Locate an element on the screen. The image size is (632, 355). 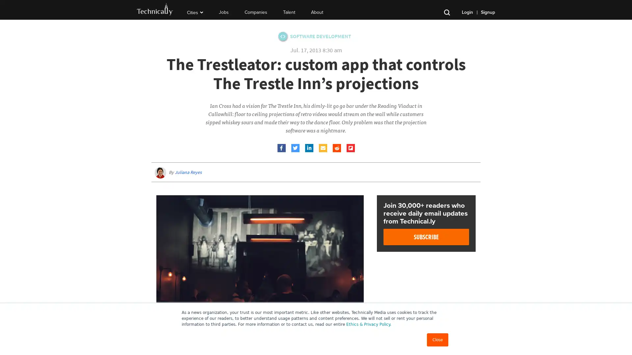
Close is located at coordinates (437, 340).